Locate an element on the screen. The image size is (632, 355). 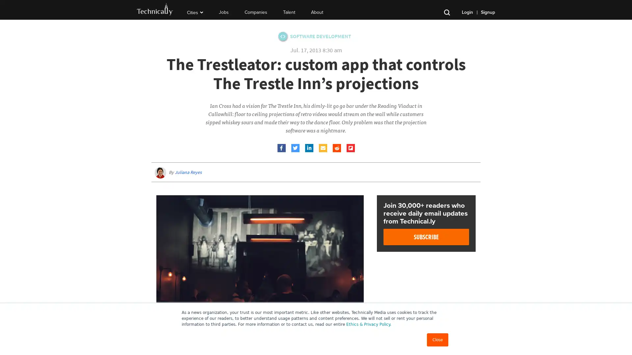
Close is located at coordinates (437, 340).